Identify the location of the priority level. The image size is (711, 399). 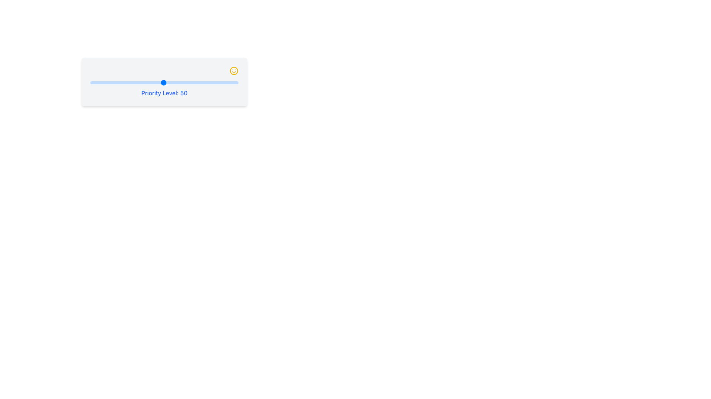
(131, 82).